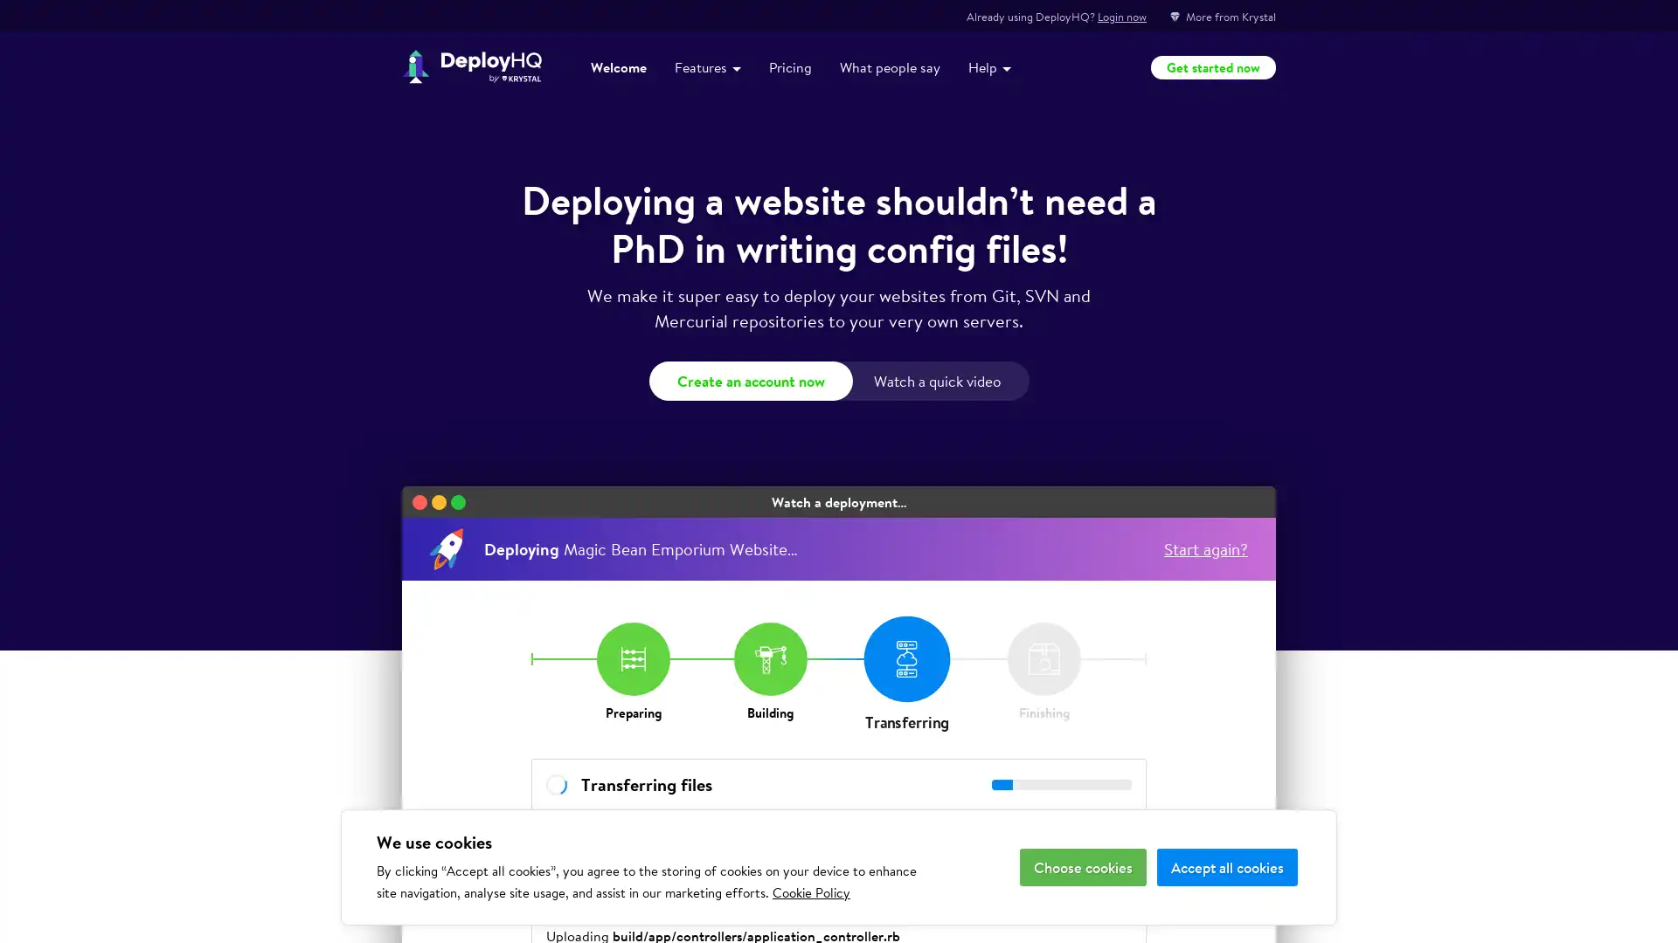  I want to click on Accept all cookies, so click(1226, 867).